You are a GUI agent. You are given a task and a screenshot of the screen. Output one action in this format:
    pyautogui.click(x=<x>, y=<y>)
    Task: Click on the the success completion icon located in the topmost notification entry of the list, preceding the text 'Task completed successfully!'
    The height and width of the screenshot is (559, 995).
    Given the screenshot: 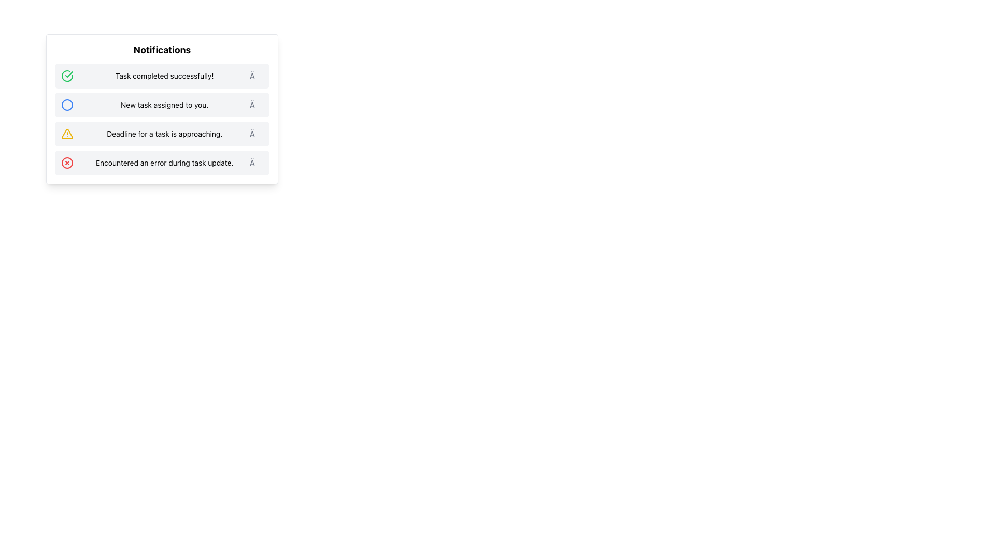 What is the action you would take?
    pyautogui.click(x=66, y=75)
    